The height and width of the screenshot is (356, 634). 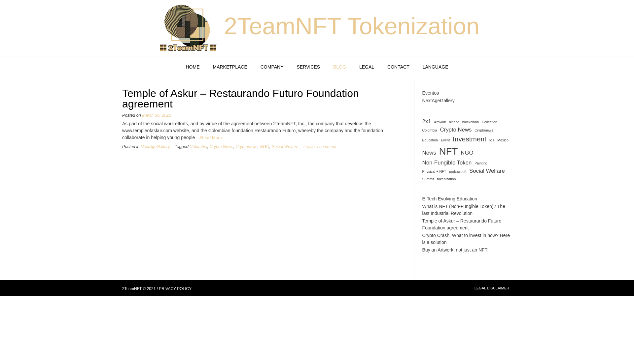 What do you see at coordinates (448, 151) in the screenshot?
I see `'NFT'` at bounding box center [448, 151].